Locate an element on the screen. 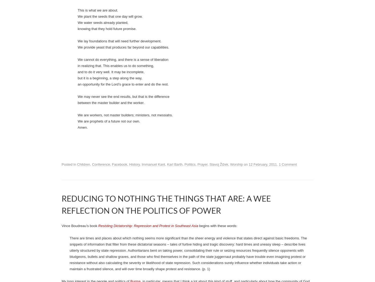  'Immanuel Kant’s guide to a good dinner party' is located at coordinates (107, 63).